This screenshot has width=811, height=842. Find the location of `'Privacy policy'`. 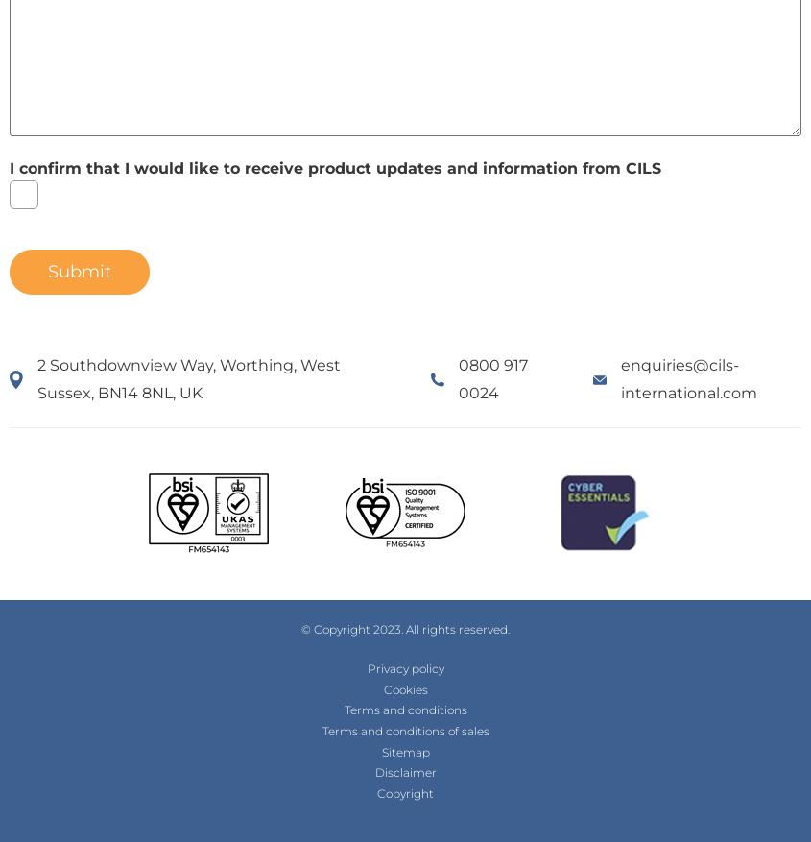

'Privacy policy' is located at coordinates (403, 667).